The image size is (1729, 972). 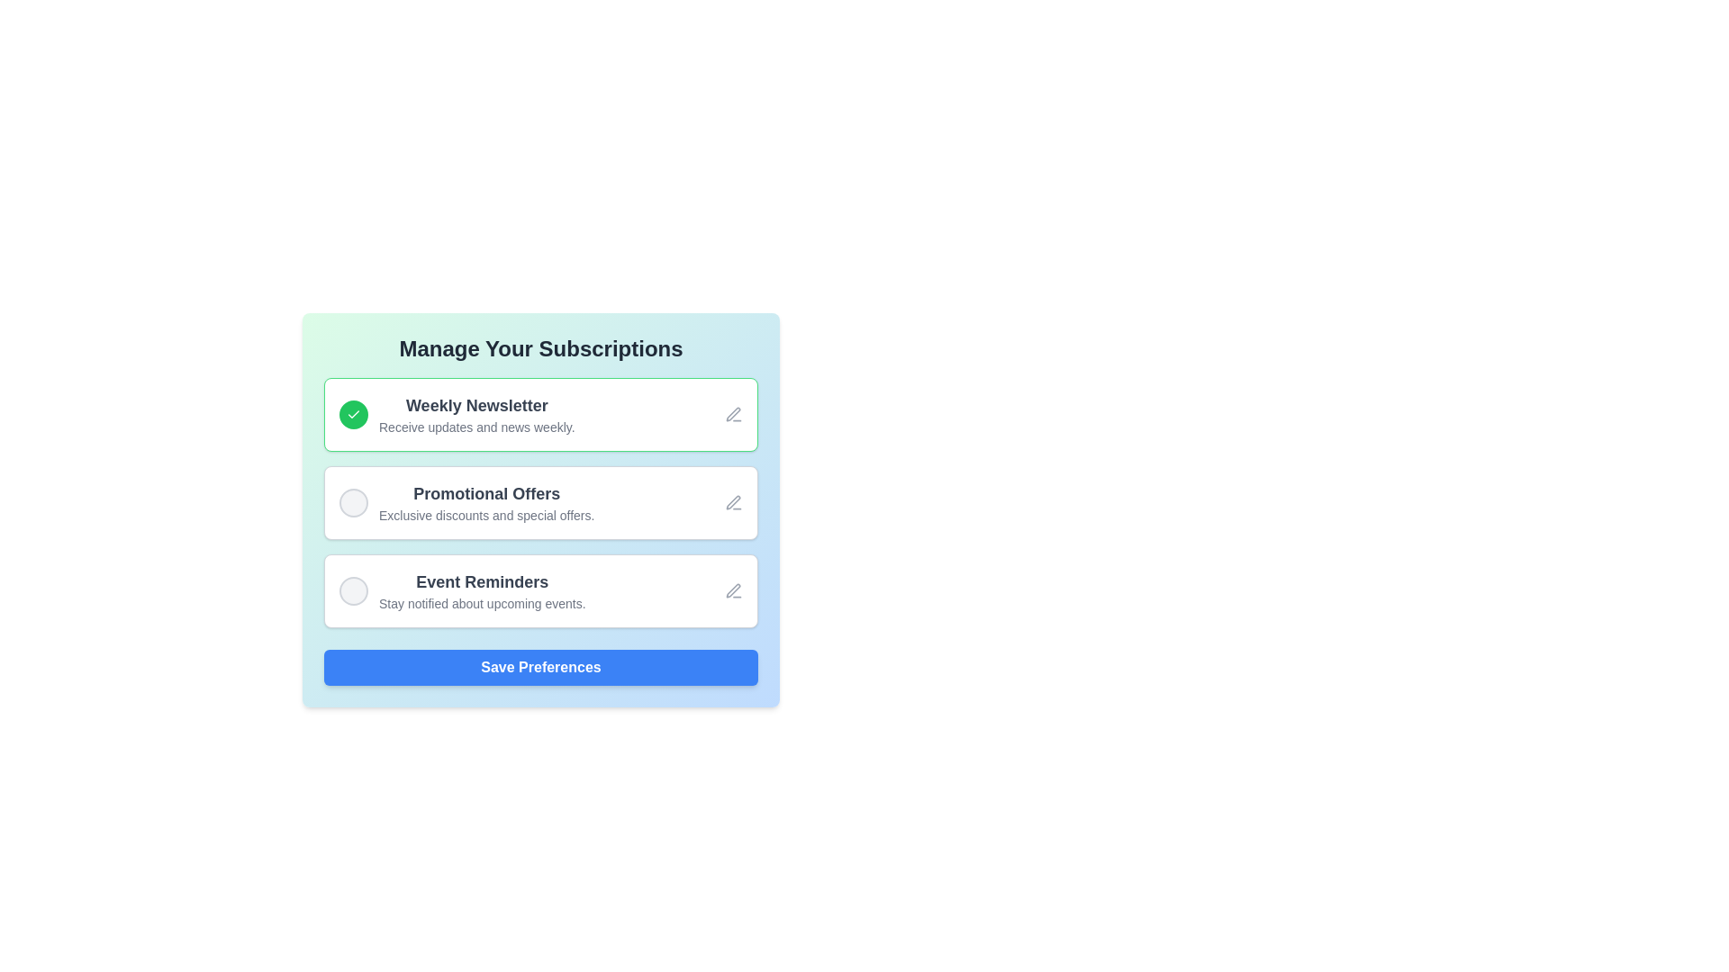 I want to click on the 'Save Subscription Preferences' button located at the bottom of the 'Manage Your Subscriptions' section, so click(x=539, y=667).